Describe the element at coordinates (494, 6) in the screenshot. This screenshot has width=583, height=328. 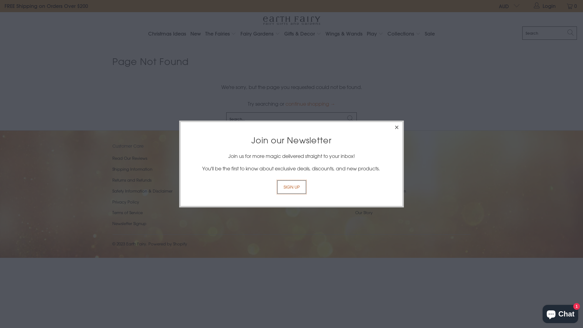
I see `'AUD'` at that location.